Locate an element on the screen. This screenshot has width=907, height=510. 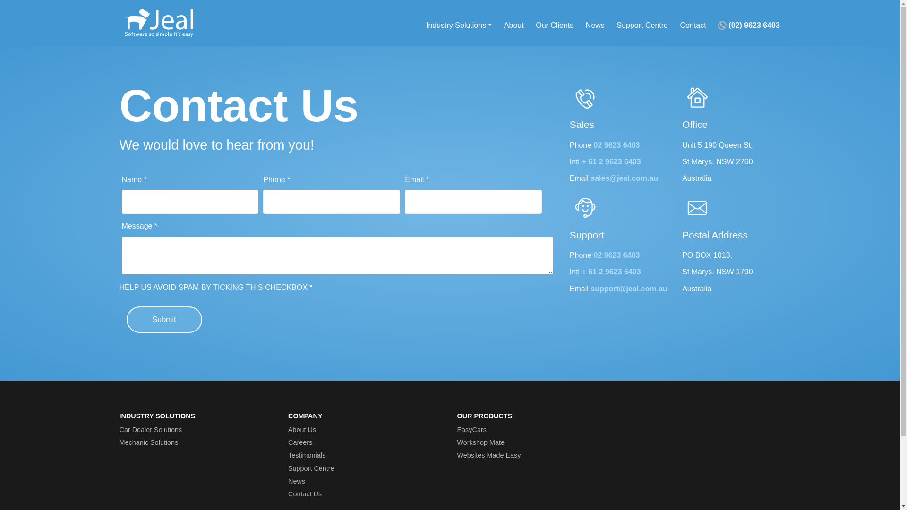
'Contact' is located at coordinates (693, 25).